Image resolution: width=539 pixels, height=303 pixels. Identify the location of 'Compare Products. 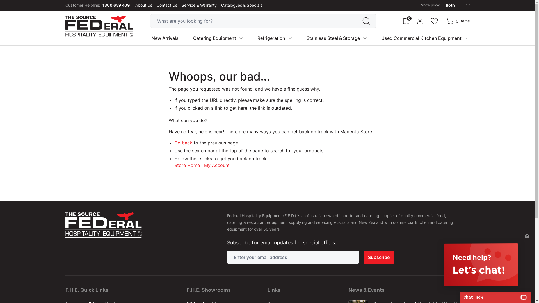
(406, 20).